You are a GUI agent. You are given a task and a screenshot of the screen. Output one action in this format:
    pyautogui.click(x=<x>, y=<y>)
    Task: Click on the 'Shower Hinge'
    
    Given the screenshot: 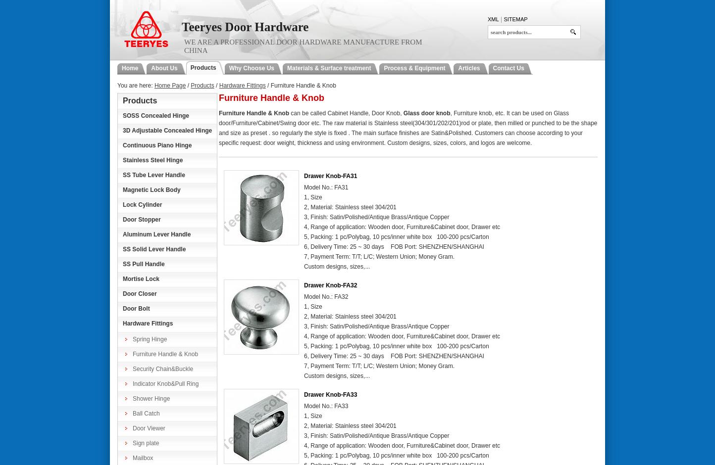 What is the action you would take?
    pyautogui.click(x=151, y=398)
    